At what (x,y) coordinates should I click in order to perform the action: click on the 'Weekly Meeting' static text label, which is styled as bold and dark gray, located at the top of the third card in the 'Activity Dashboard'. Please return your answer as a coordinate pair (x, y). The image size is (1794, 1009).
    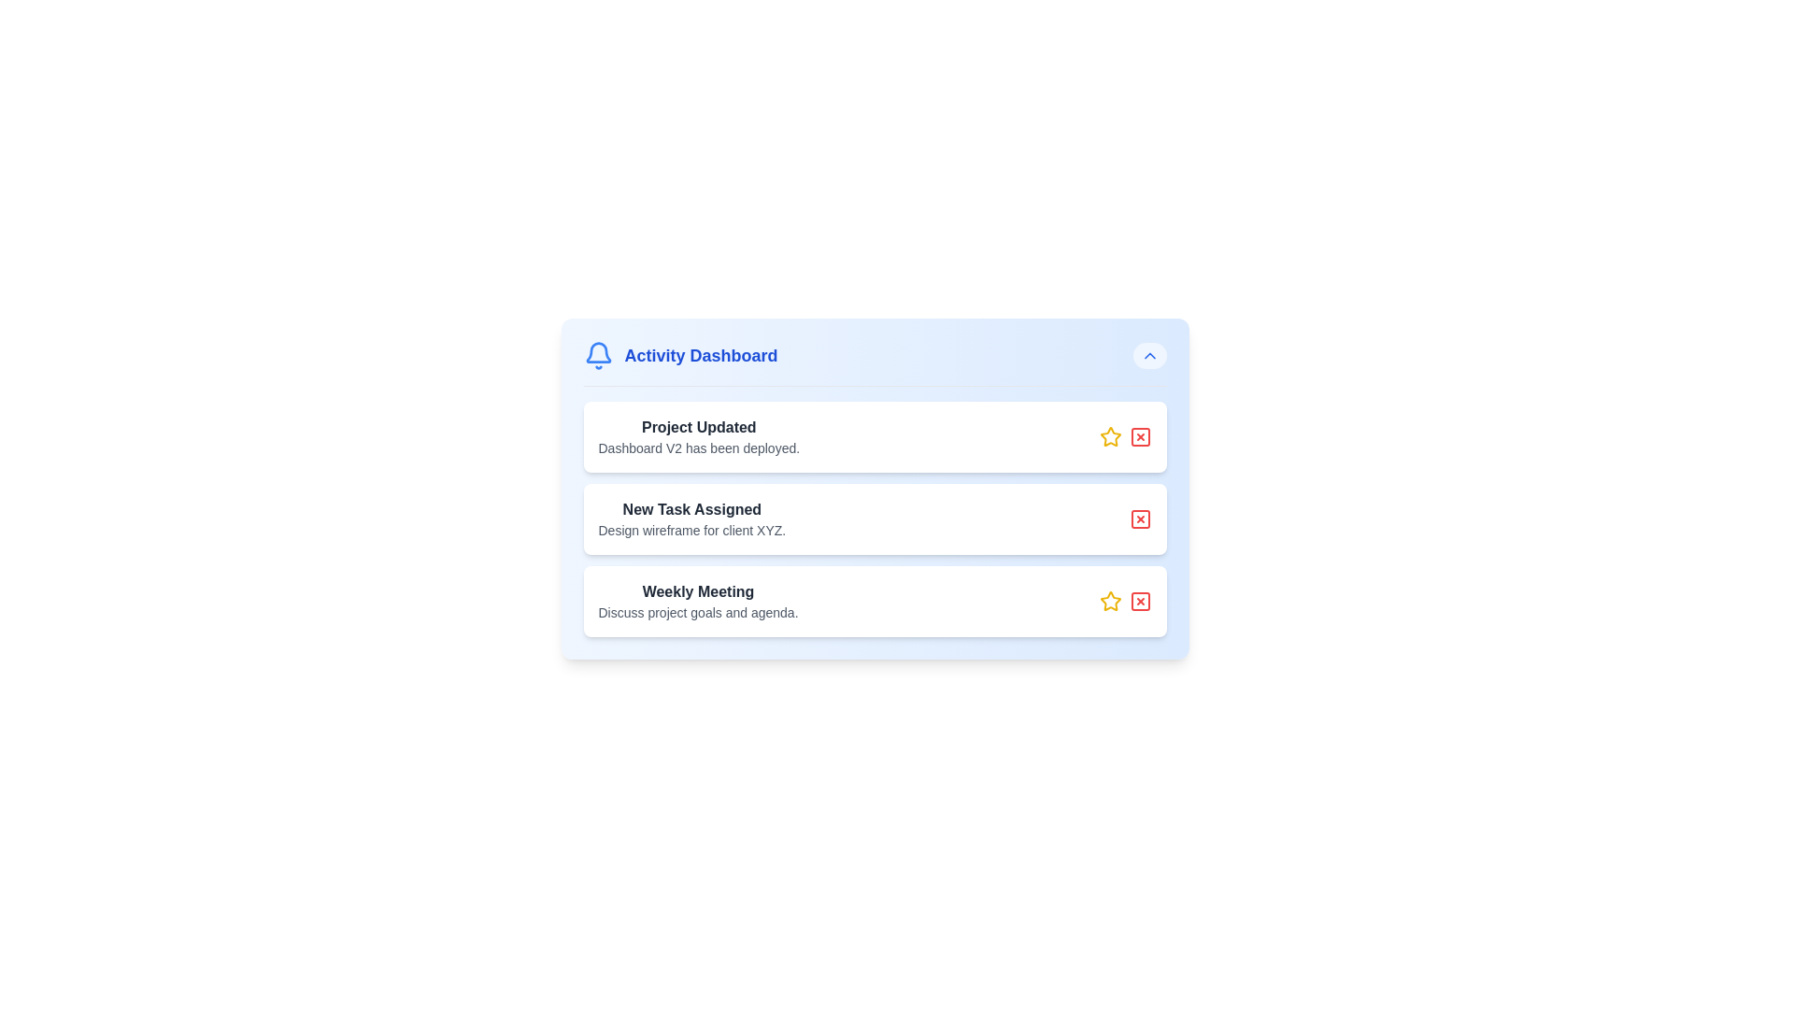
    Looking at the image, I should click on (697, 591).